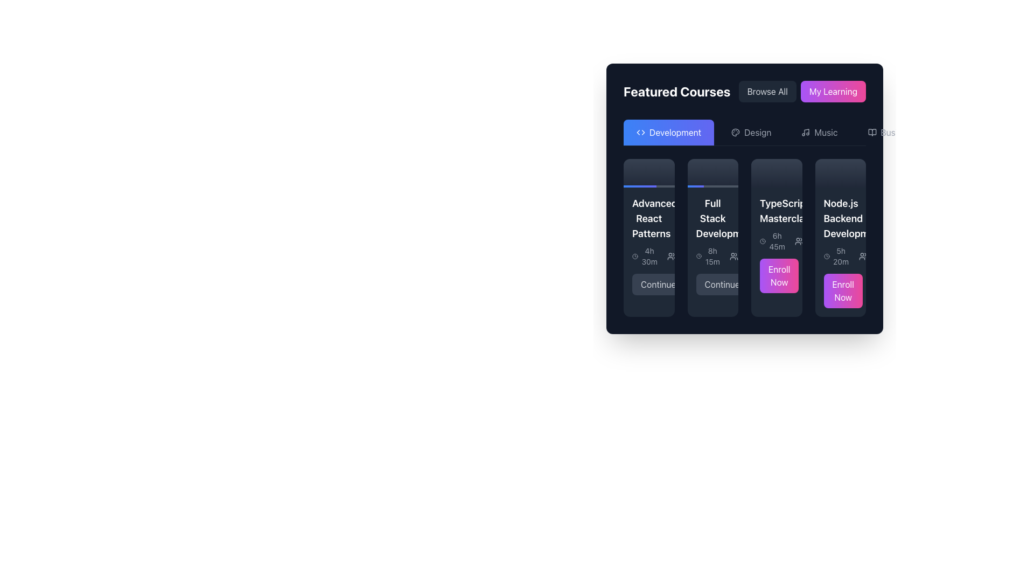 The height and width of the screenshot is (582, 1034). What do you see at coordinates (712, 237) in the screenshot?
I see `the progress bar within the course module card located in the 'Featured Courses' section, specifically the second card between 'Advanced React Patterns' and 'TypeScript Masterclass'` at bounding box center [712, 237].